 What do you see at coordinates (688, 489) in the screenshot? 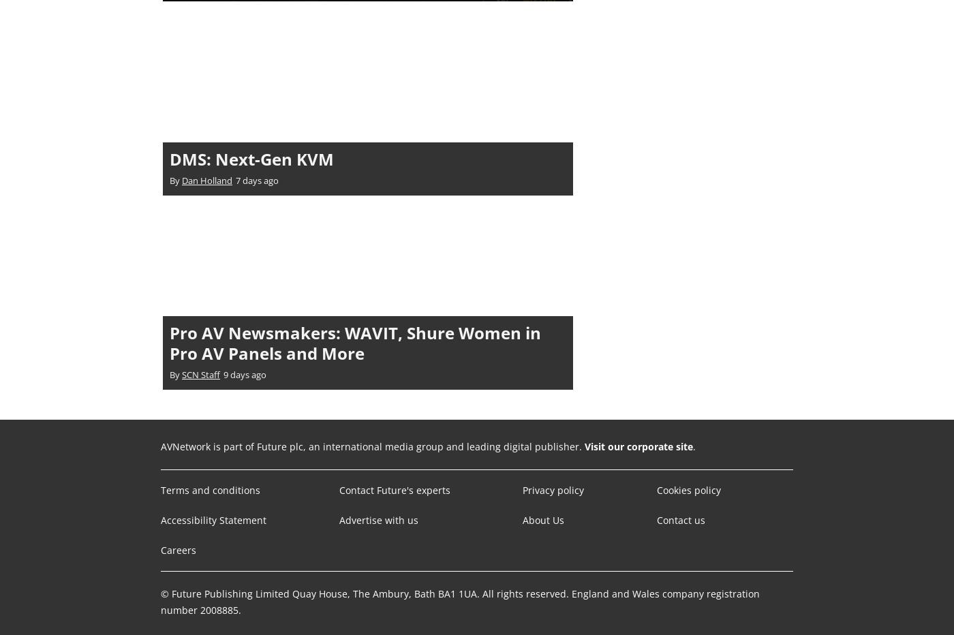
I see `'Cookies policy'` at bounding box center [688, 489].